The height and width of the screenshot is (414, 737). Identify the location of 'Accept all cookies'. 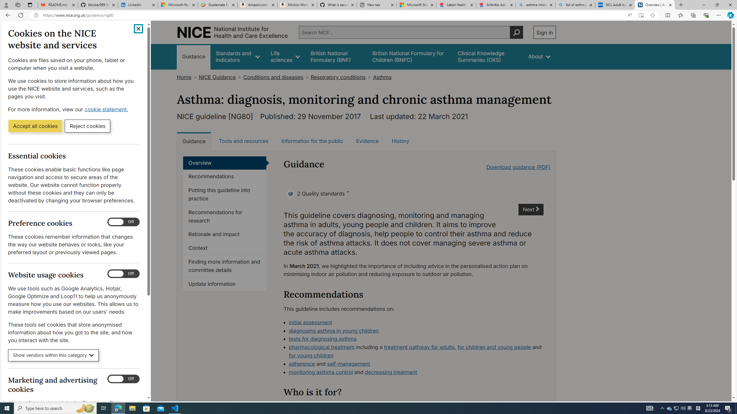
(35, 125).